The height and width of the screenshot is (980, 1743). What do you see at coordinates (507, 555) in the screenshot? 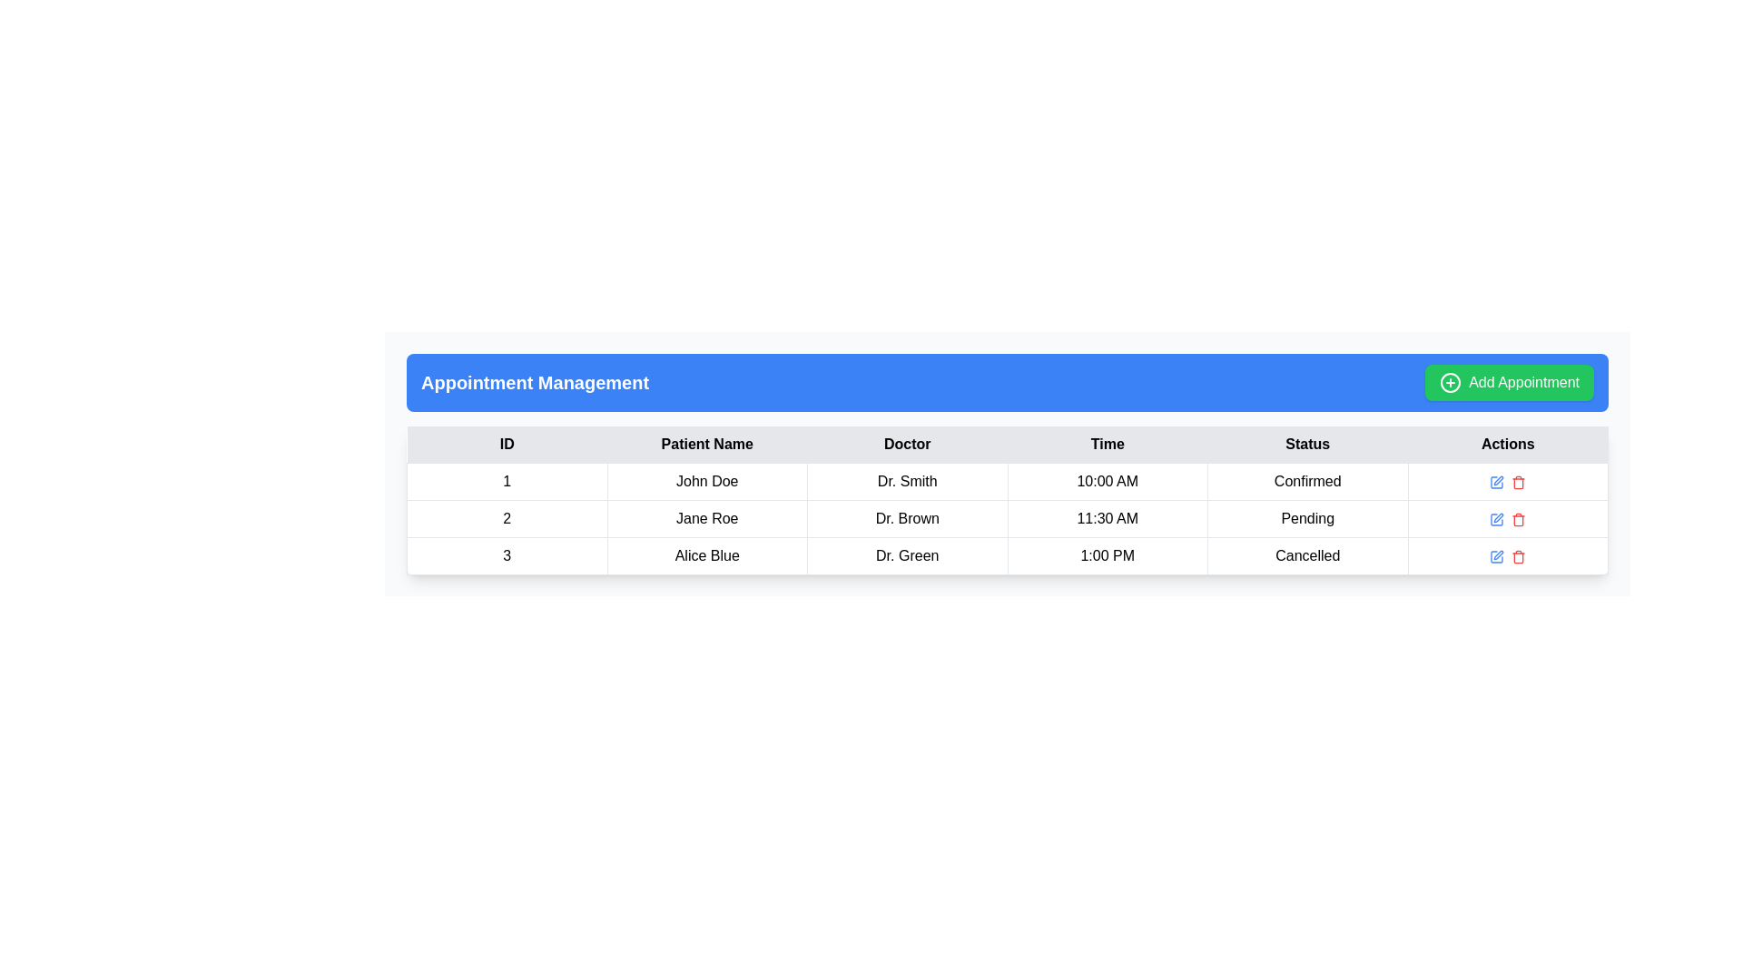
I see `the static table cell displaying the number '3' in the 'ID' column of the table for patient Alice Blue` at bounding box center [507, 555].